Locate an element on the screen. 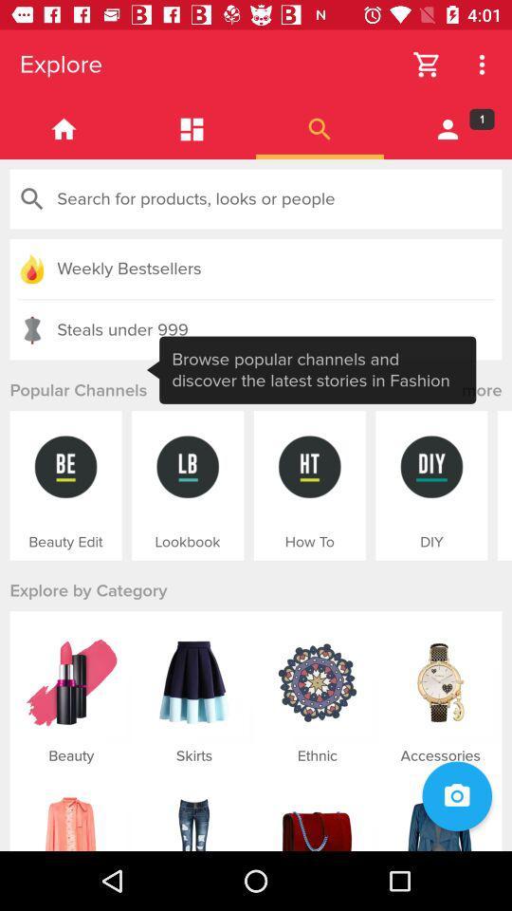 The height and width of the screenshot is (911, 512). show galery is located at coordinates (192, 128).